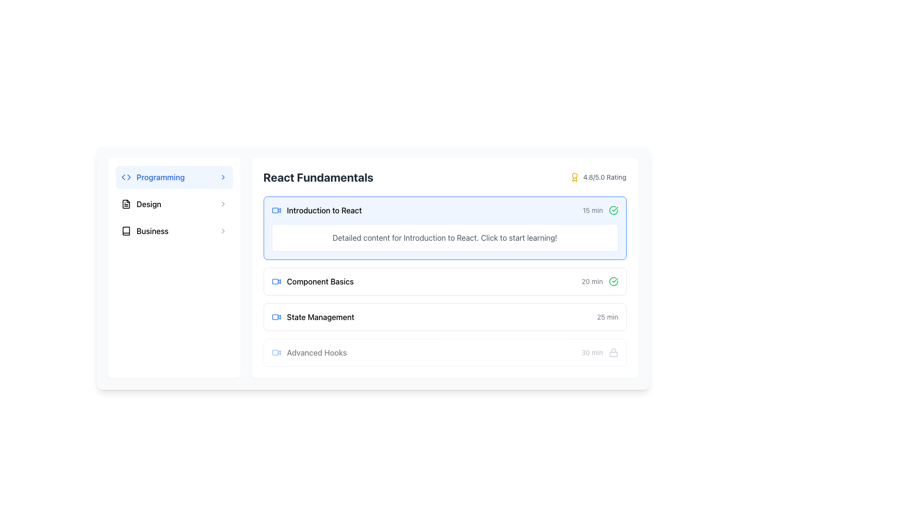  I want to click on the bold text label 'Design' located in the second item of the left-side vertical navigation menu, so click(148, 203).